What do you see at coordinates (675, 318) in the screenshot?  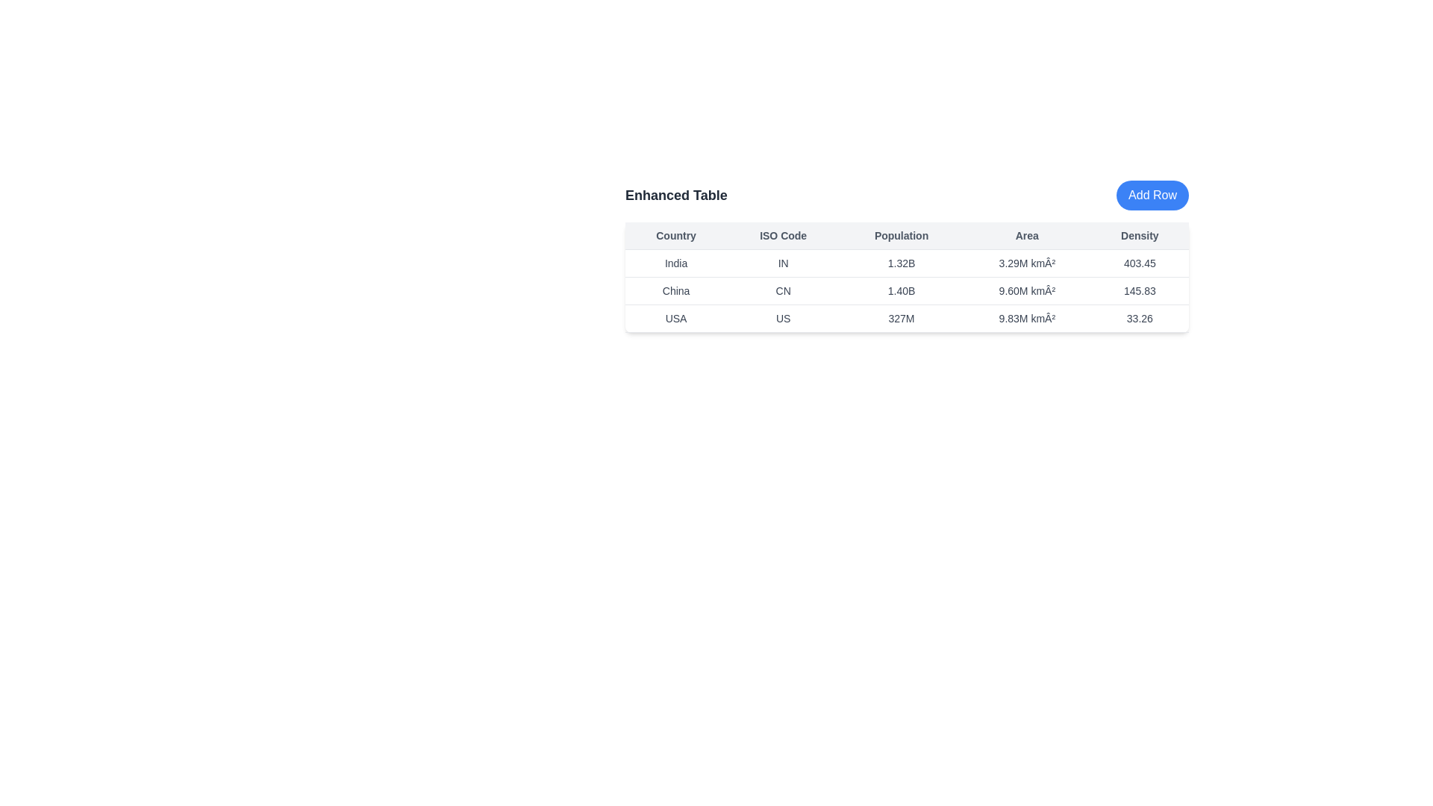 I see `the text element labeling the country, which is located in the bottom row of the data table under the 'Country' column` at bounding box center [675, 318].